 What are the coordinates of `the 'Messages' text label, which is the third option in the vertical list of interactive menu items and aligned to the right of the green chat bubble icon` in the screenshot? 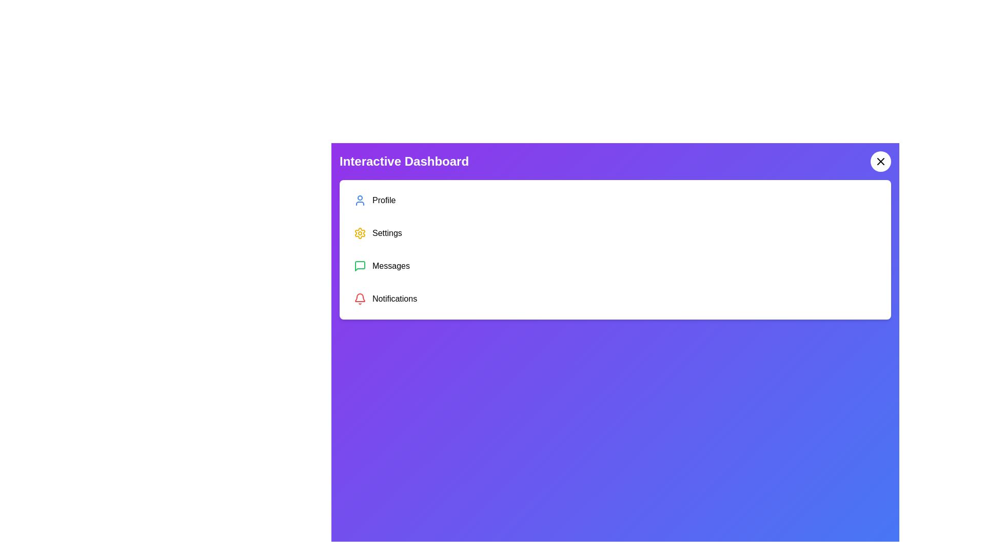 It's located at (390, 266).